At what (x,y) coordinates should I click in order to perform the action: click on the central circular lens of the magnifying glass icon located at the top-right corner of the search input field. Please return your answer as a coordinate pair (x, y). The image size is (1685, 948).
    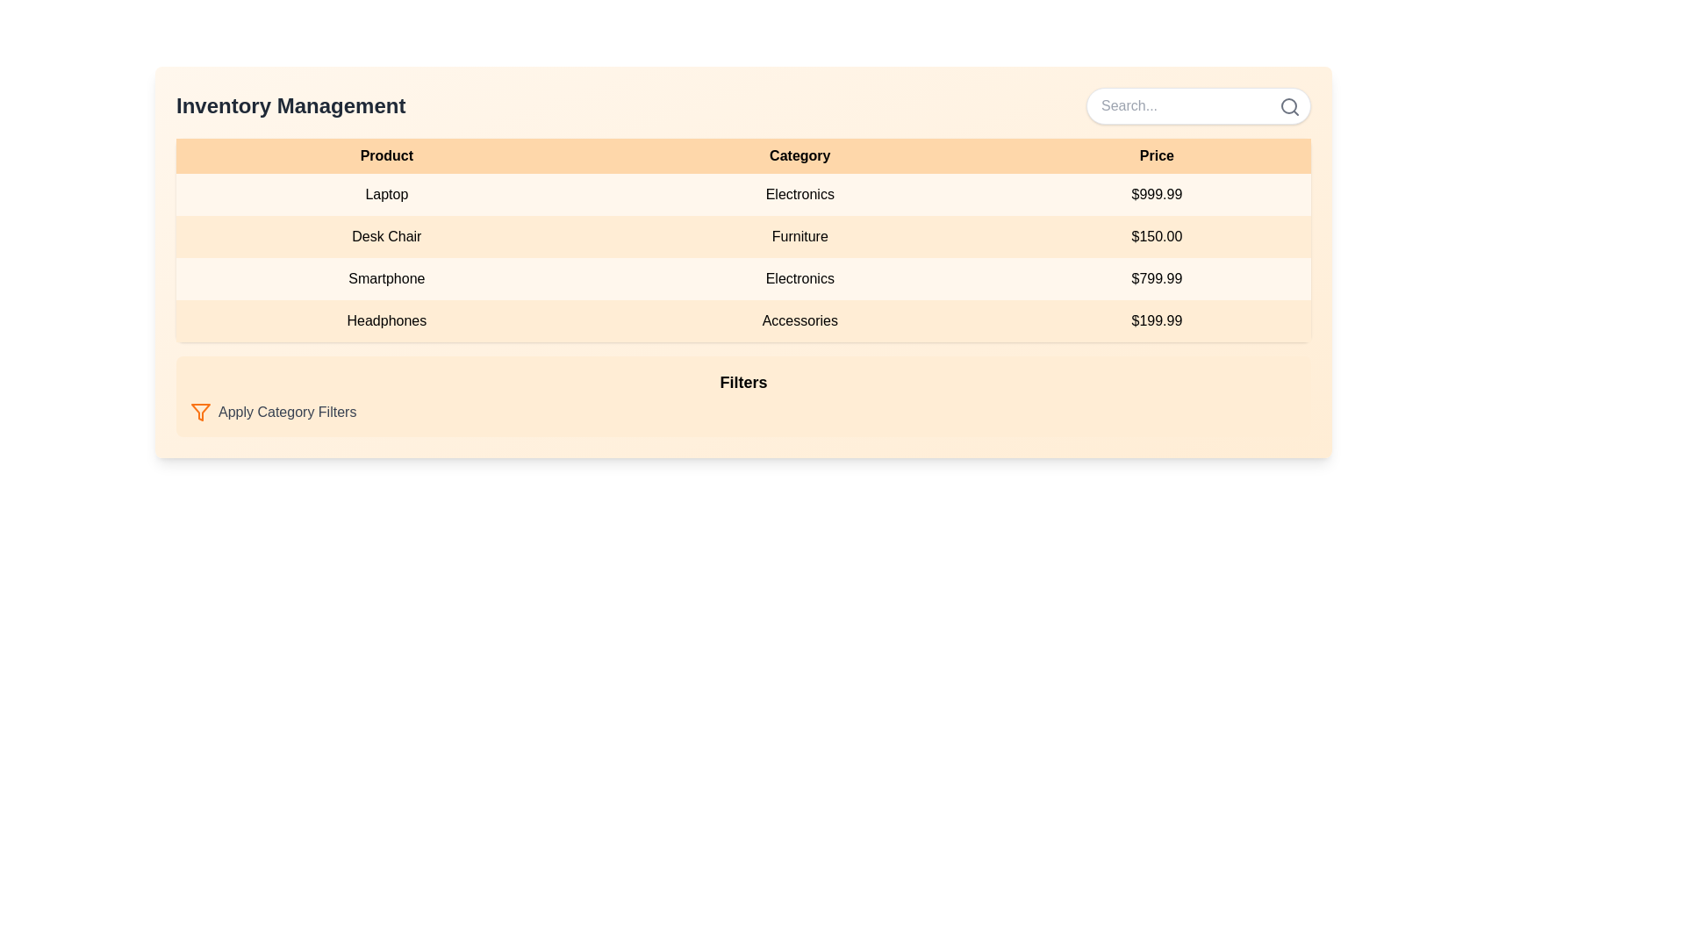
    Looking at the image, I should click on (1288, 105).